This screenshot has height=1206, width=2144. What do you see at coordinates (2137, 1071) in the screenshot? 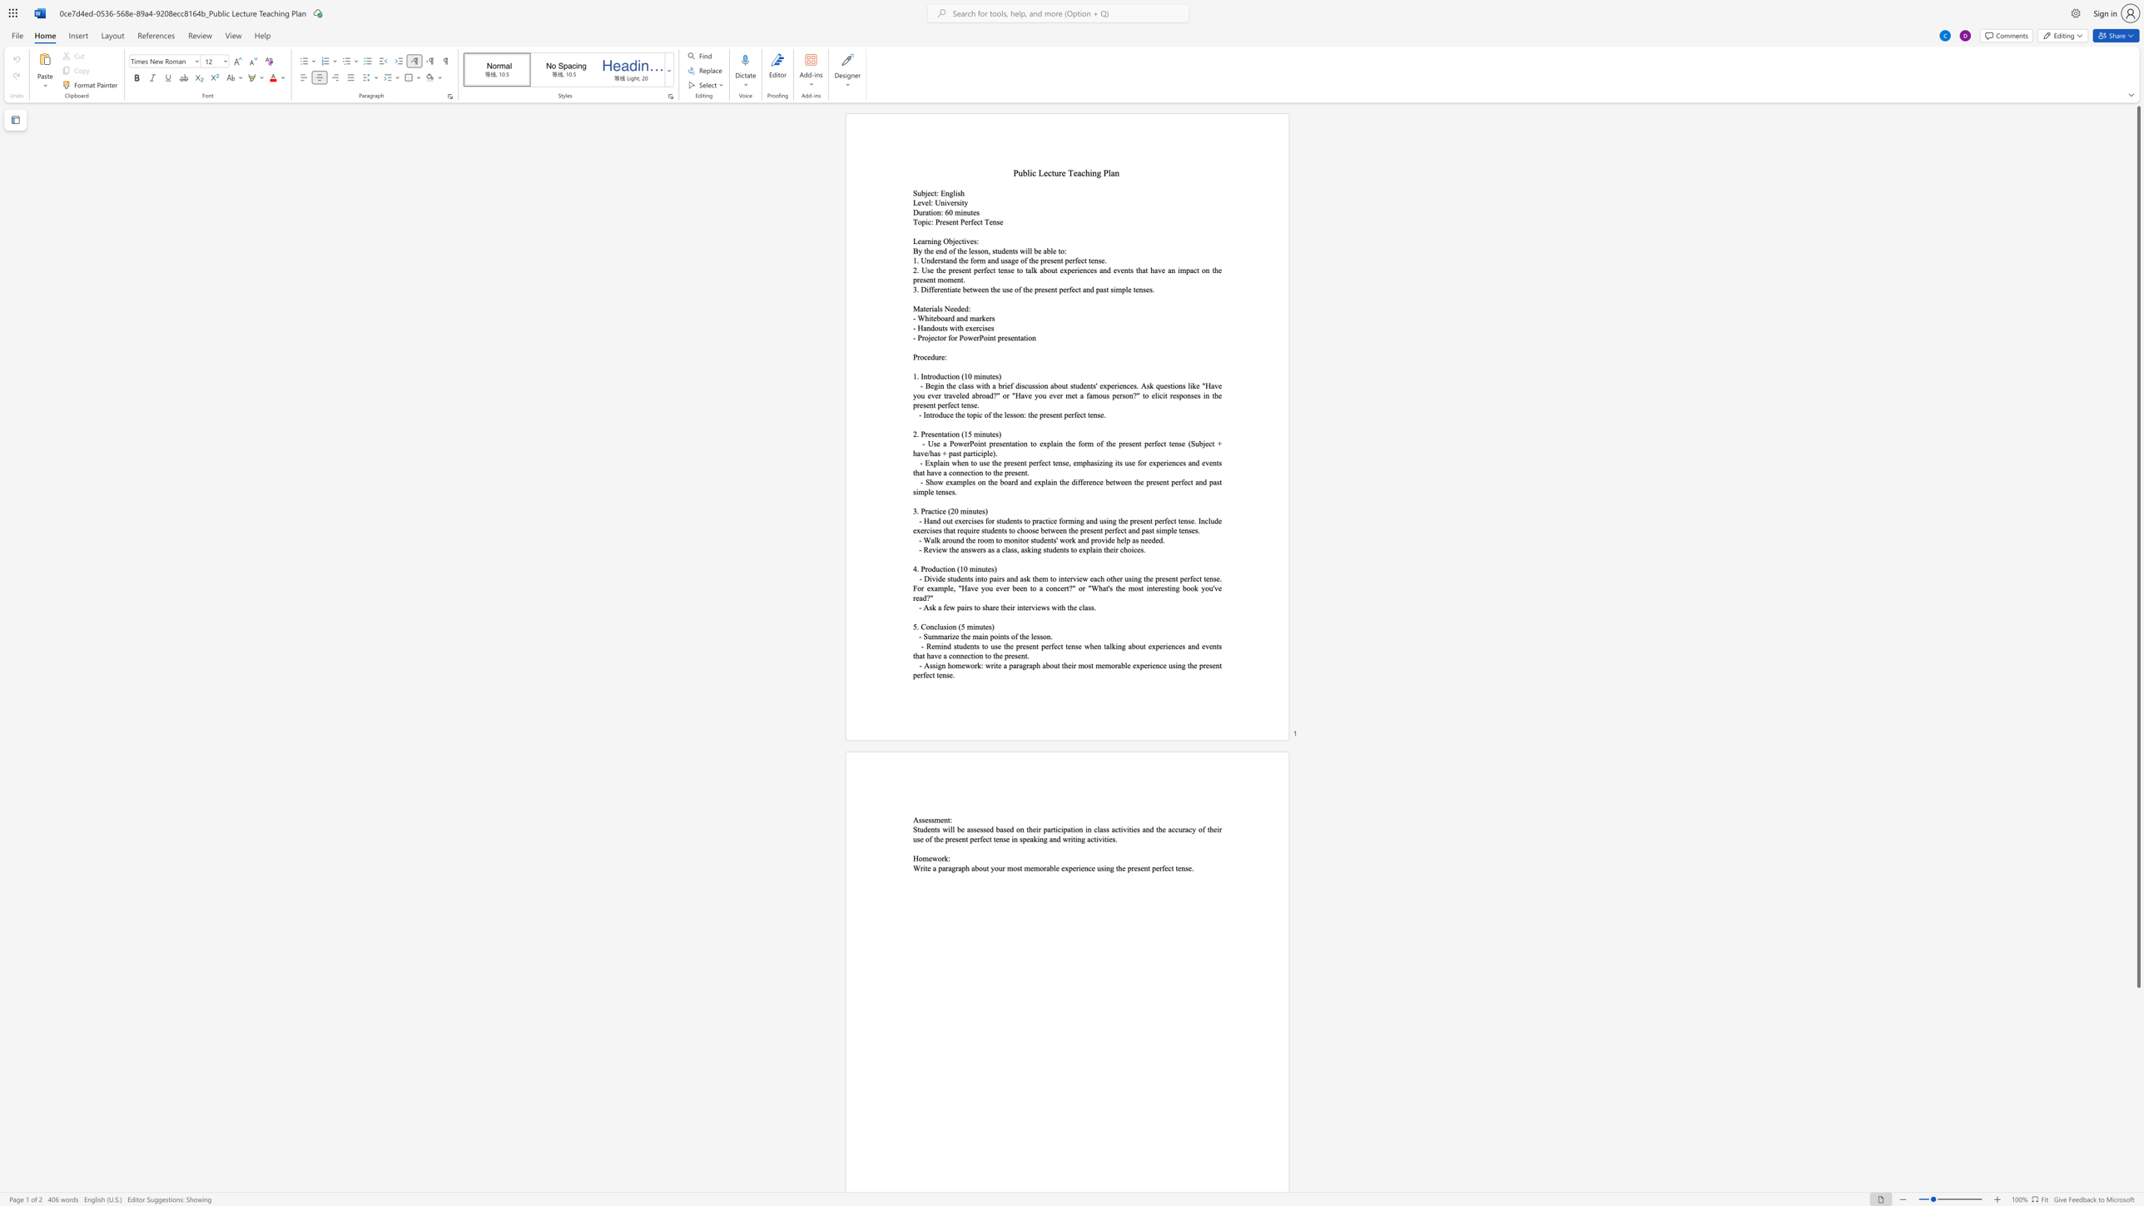
I see `the page's right scrollbar for downward movement` at bounding box center [2137, 1071].